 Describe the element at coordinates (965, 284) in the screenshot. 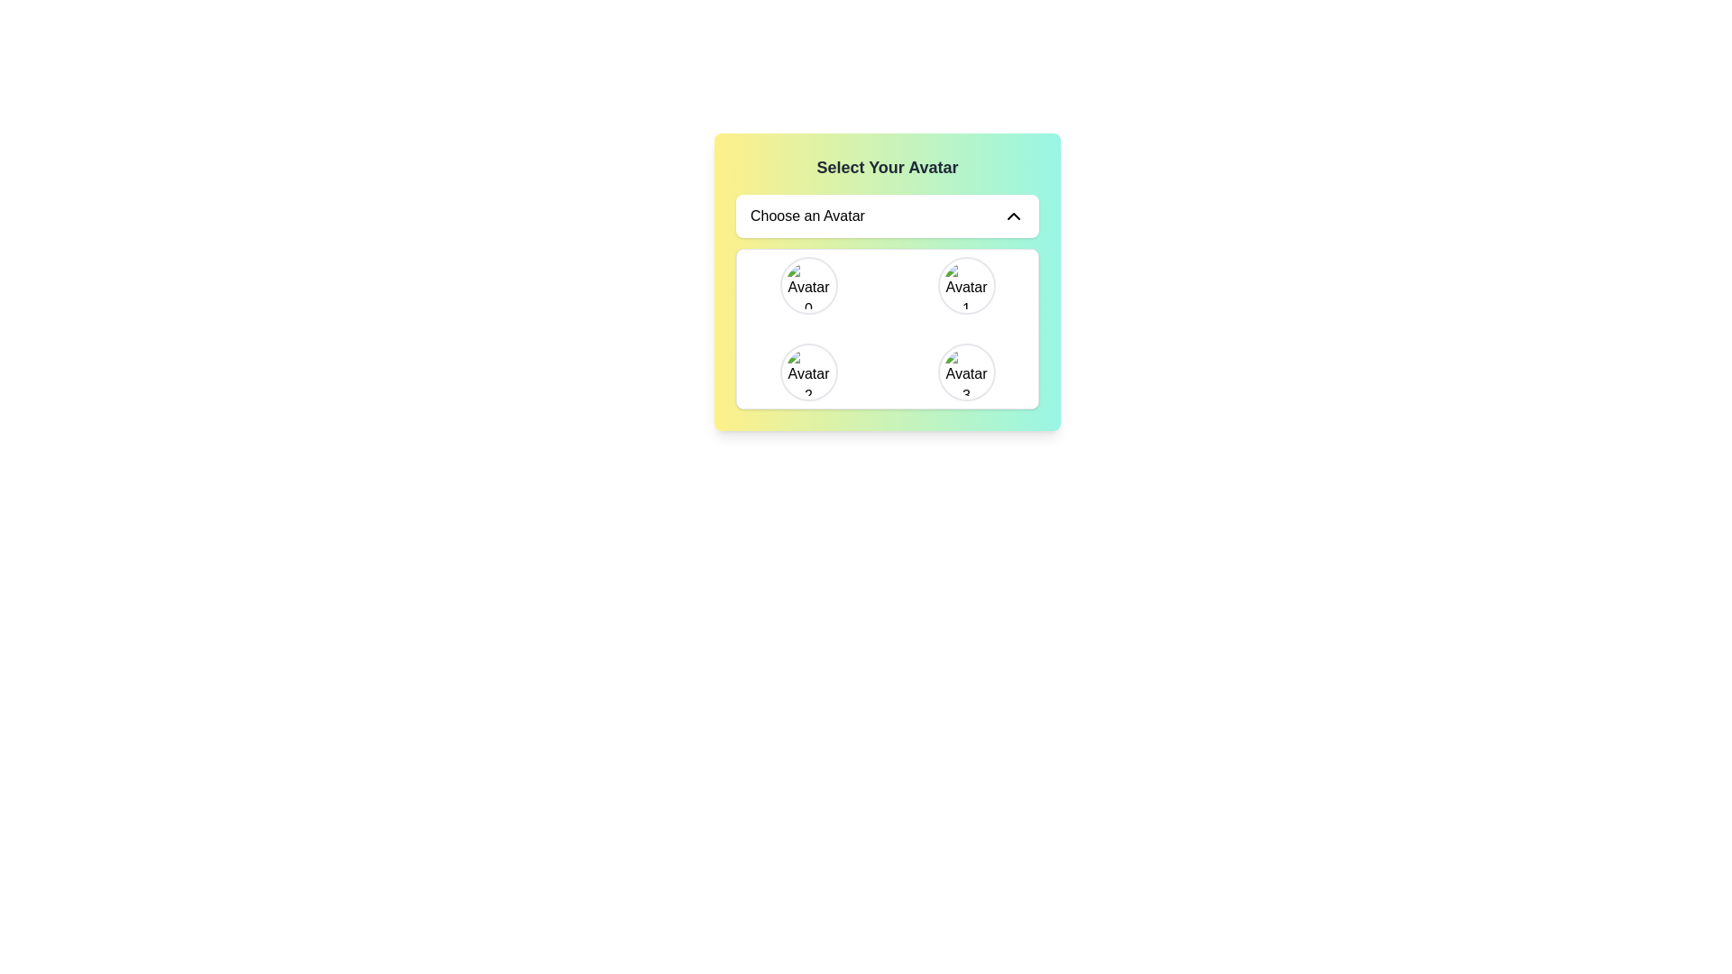

I see `the second avatar image button located at the top-right corner of the 'Select Your Avatar' card` at that location.